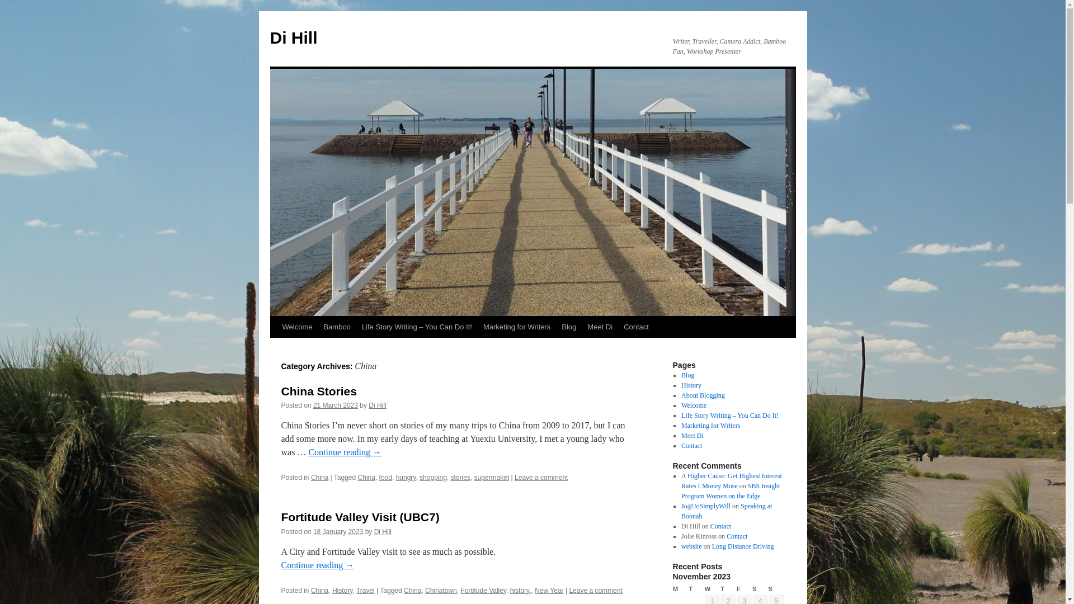  Describe the element at coordinates (460, 477) in the screenshot. I see `'stories'` at that location.